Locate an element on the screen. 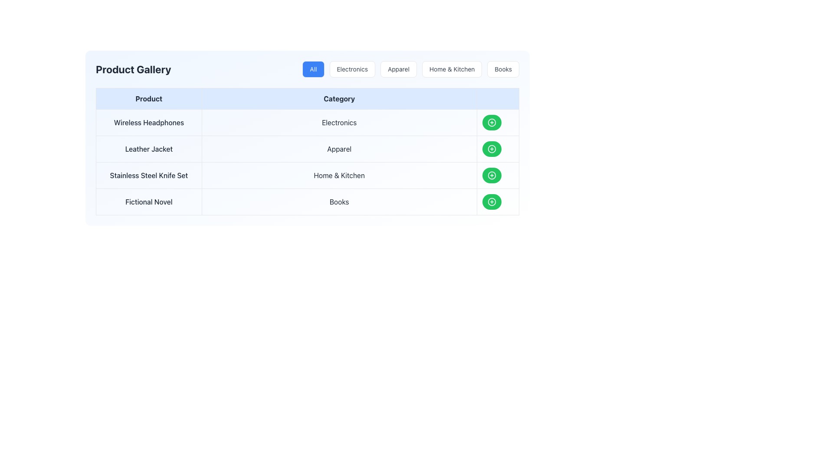  the 'Apparel' filter button located between the 'Electronics' and 'Home & Kitchen' tabs is located at coordinates (410, 68).